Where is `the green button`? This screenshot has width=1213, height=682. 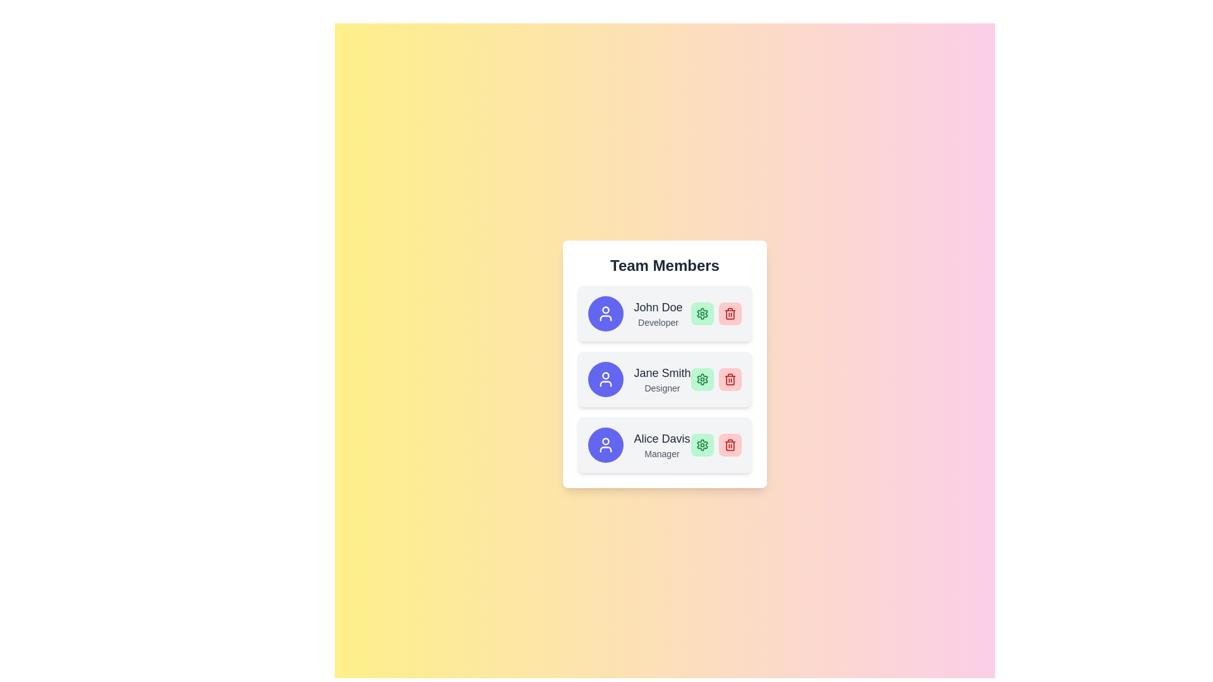 the green button is located at coordinates (701, 445).